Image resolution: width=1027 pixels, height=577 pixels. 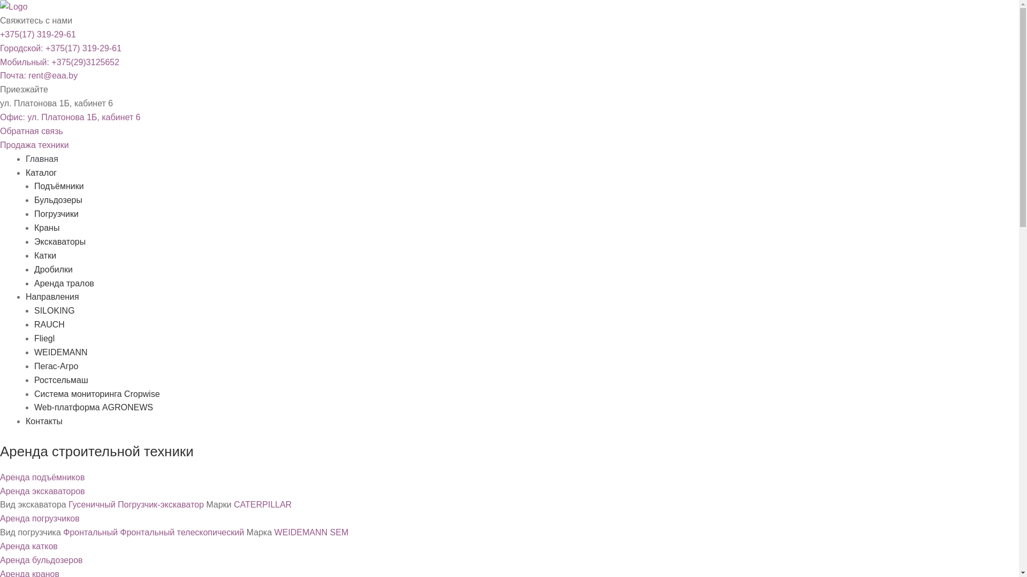 What do you see at coordinates (49, 324) in the screenshot?
I see `'RAUCH'` at bounding box center [49, 324].